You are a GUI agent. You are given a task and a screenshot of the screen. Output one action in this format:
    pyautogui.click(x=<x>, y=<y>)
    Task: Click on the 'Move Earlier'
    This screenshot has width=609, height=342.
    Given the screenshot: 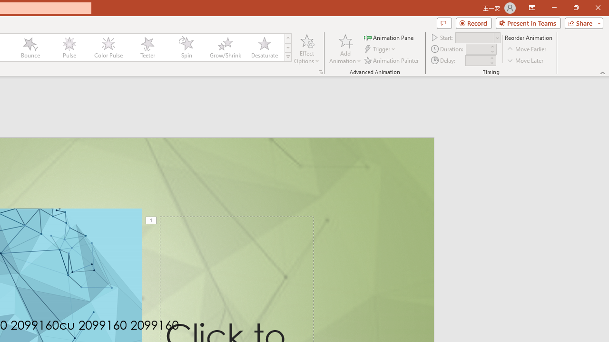 What is the action you would take?
    pyautogui.click(x=526, y=49)
    